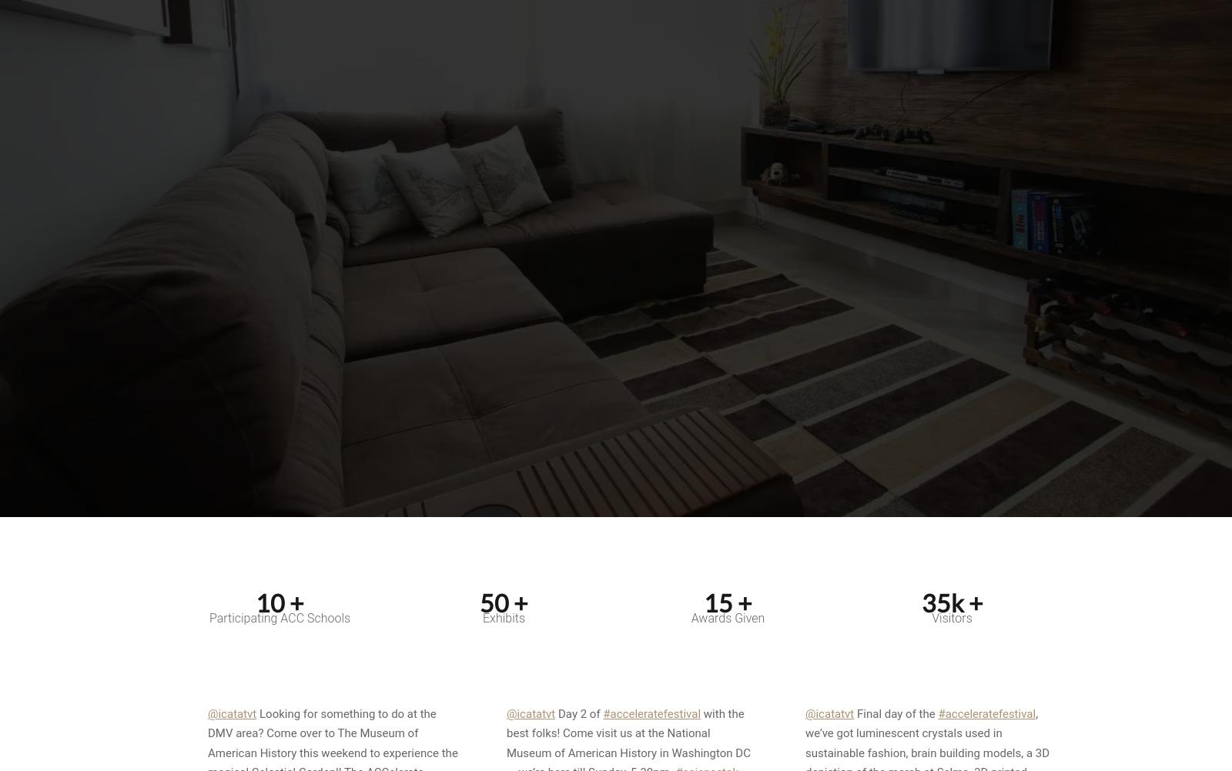 This screenshot has width=1232, height=771. What do you see at coordinates (726, 616) in the screenshot?
I see `'Awards Given'` at bounding box center [726, 616].